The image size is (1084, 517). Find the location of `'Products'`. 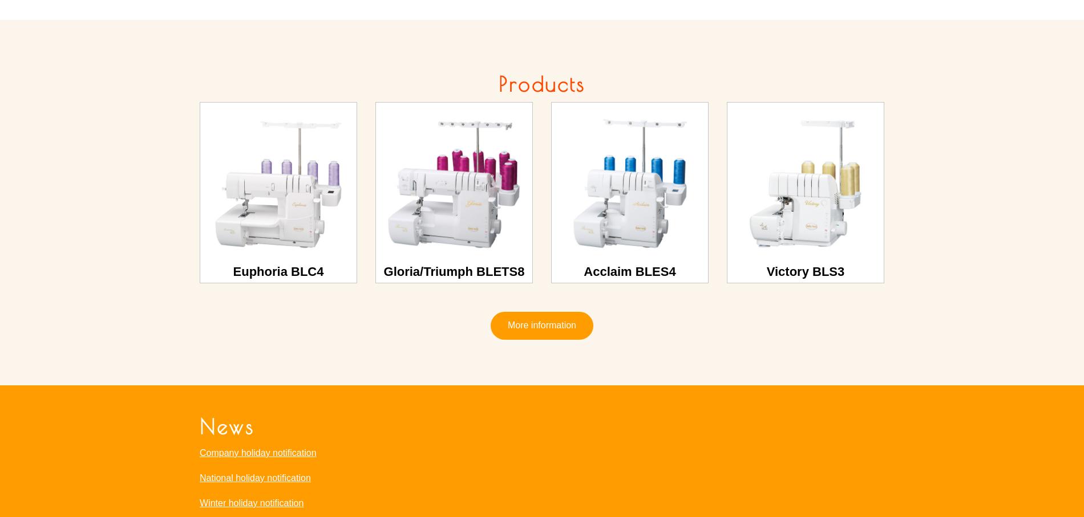

'Products' is located at coordinates (541, 83).